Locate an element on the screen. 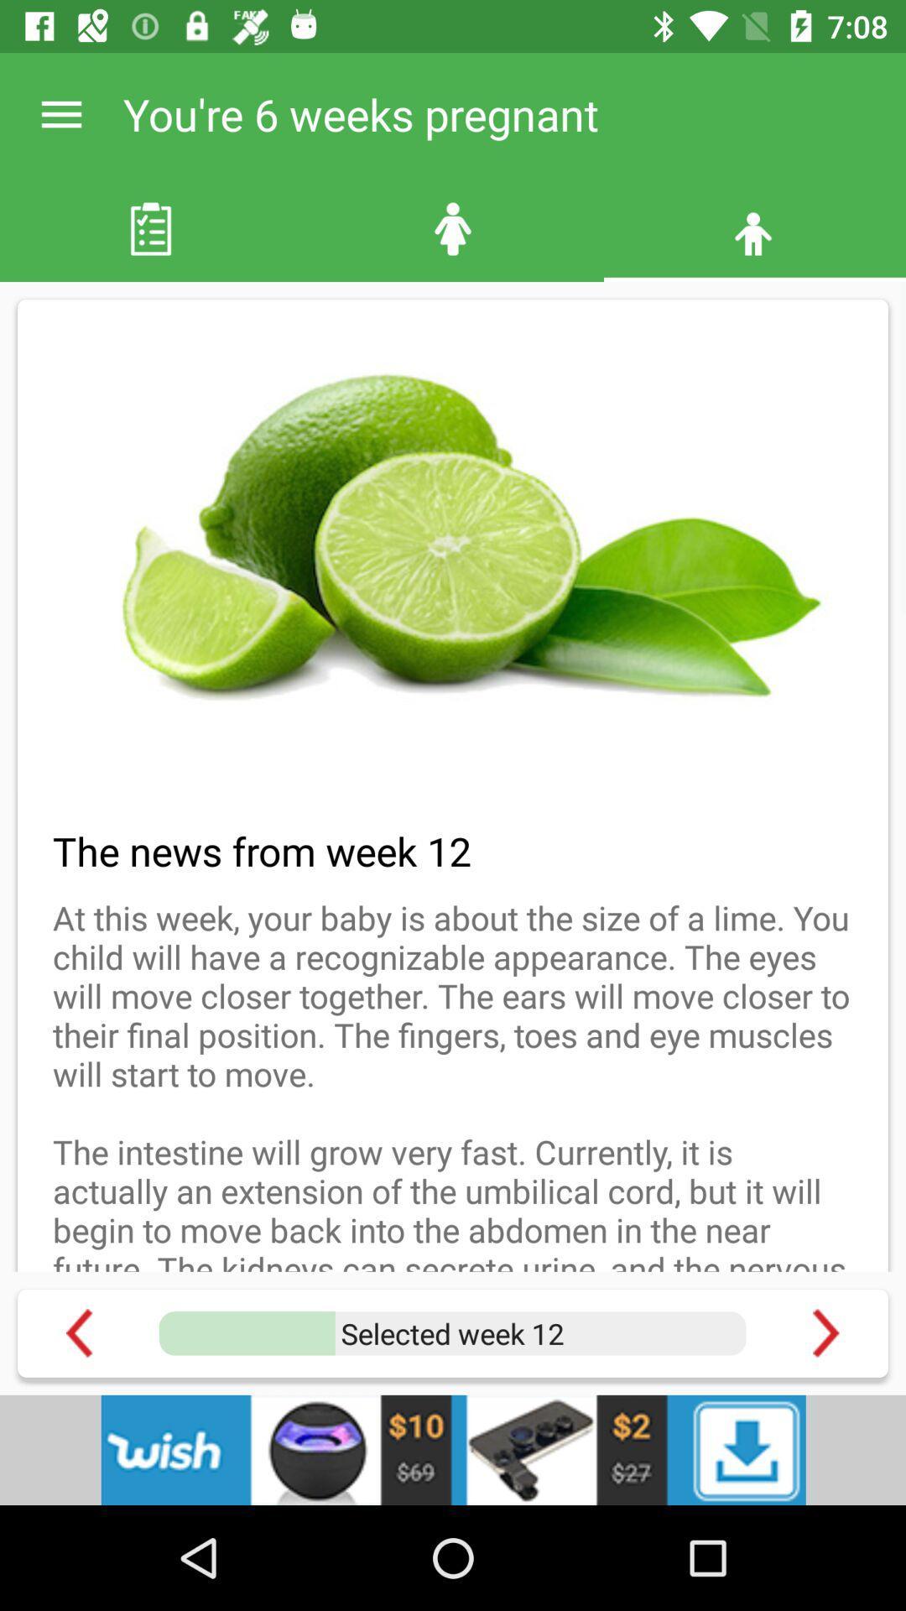  next page is located at coordinates (825, 1332).